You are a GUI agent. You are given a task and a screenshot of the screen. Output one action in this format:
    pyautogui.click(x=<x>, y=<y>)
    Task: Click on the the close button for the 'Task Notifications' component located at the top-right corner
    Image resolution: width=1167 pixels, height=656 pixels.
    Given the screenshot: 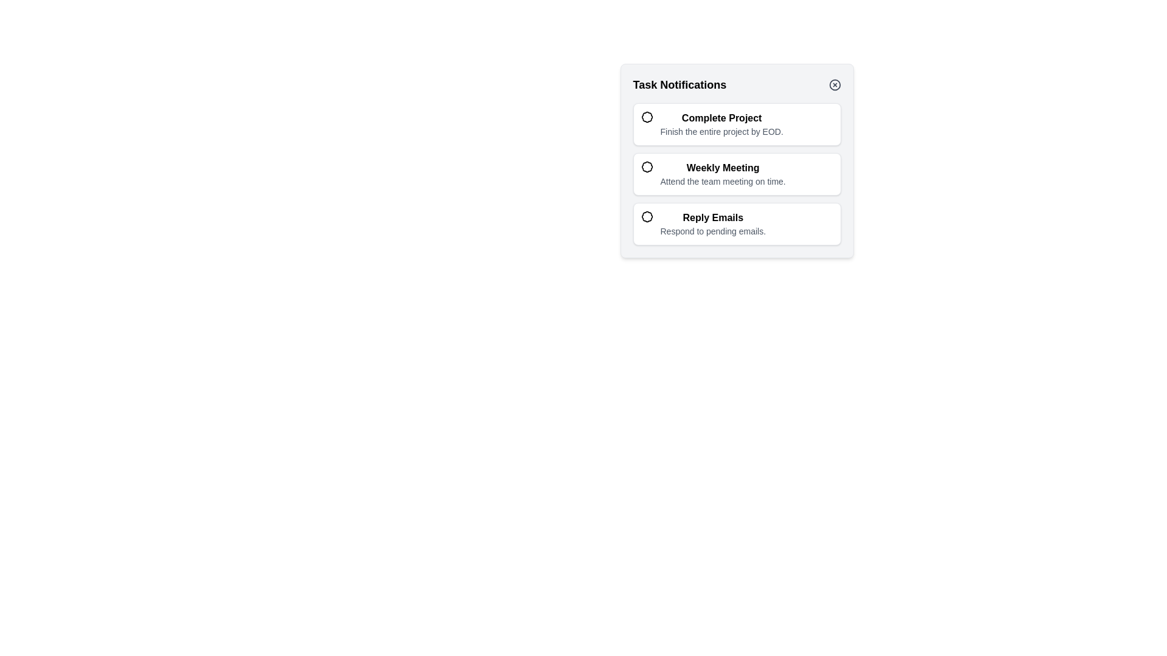 What is the action you would take?
    pyautogui.click(x=834, y=84)
    